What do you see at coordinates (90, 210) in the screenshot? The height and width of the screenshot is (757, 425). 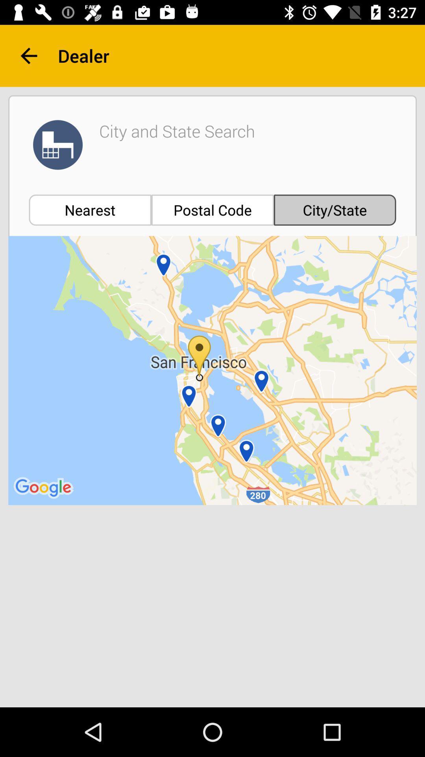 I see `the nearest item` at bounding box center [90, 210].